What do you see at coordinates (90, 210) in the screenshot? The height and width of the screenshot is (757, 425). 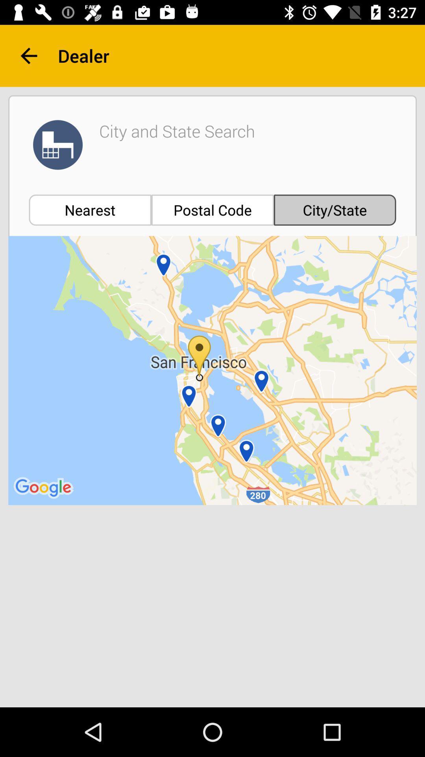 I see `the nearest item` at bounding box center [90, 210].